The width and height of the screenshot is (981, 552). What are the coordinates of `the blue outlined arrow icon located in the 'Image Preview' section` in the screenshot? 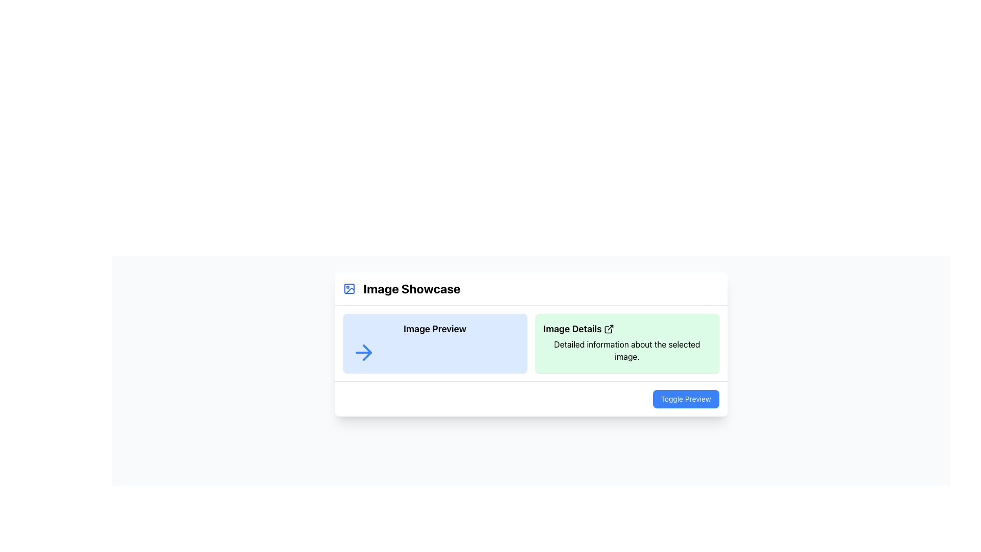 It's located at (363, 352).